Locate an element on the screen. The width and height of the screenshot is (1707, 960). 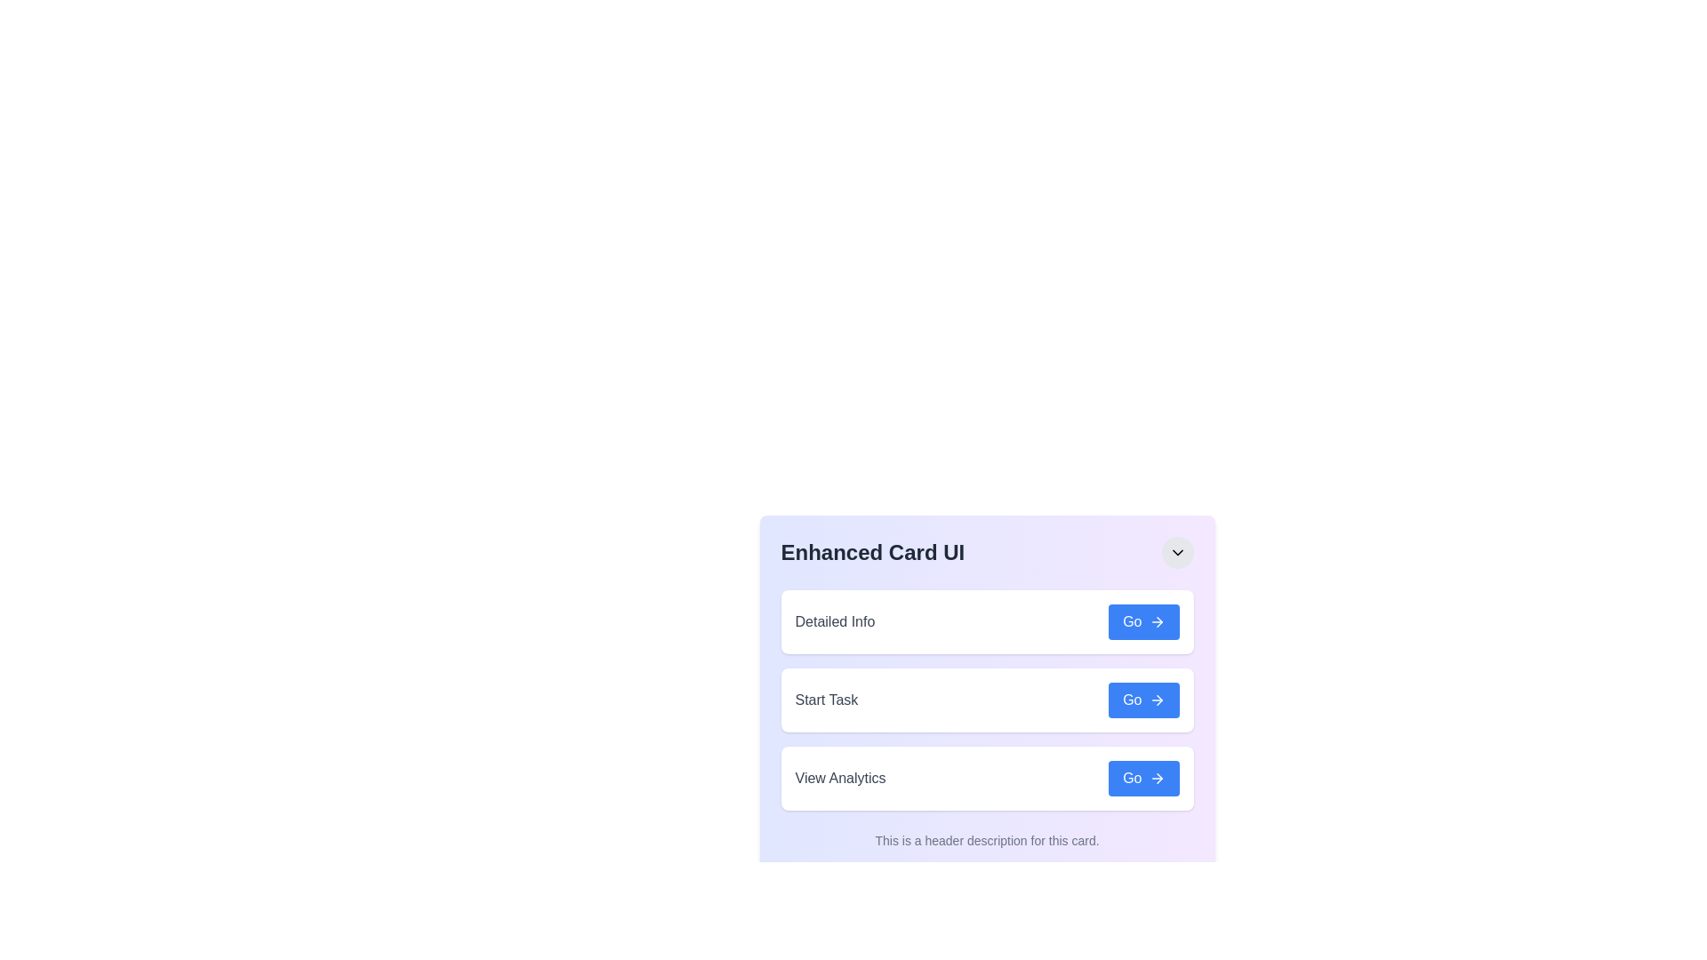
the third button in the column of buttons related to 'View Analytics' to apply the focus ring is located at coordinates (1143, 777).